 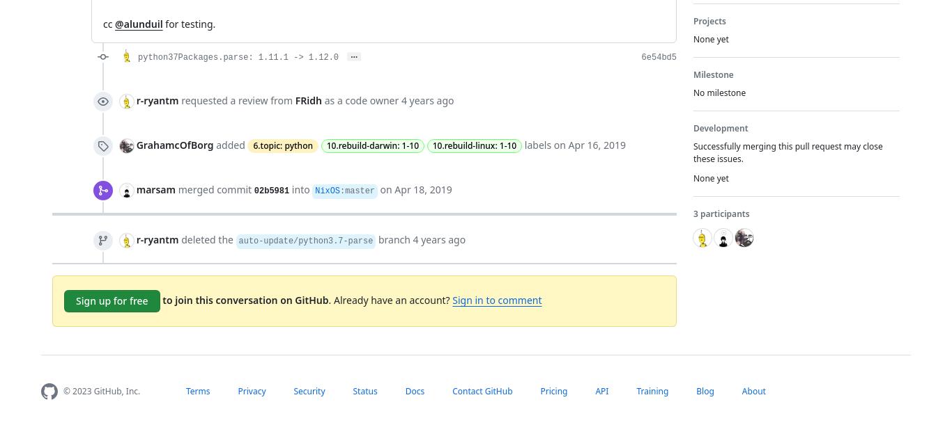 I want to click on 'marsam', so click(x=155, y=188).